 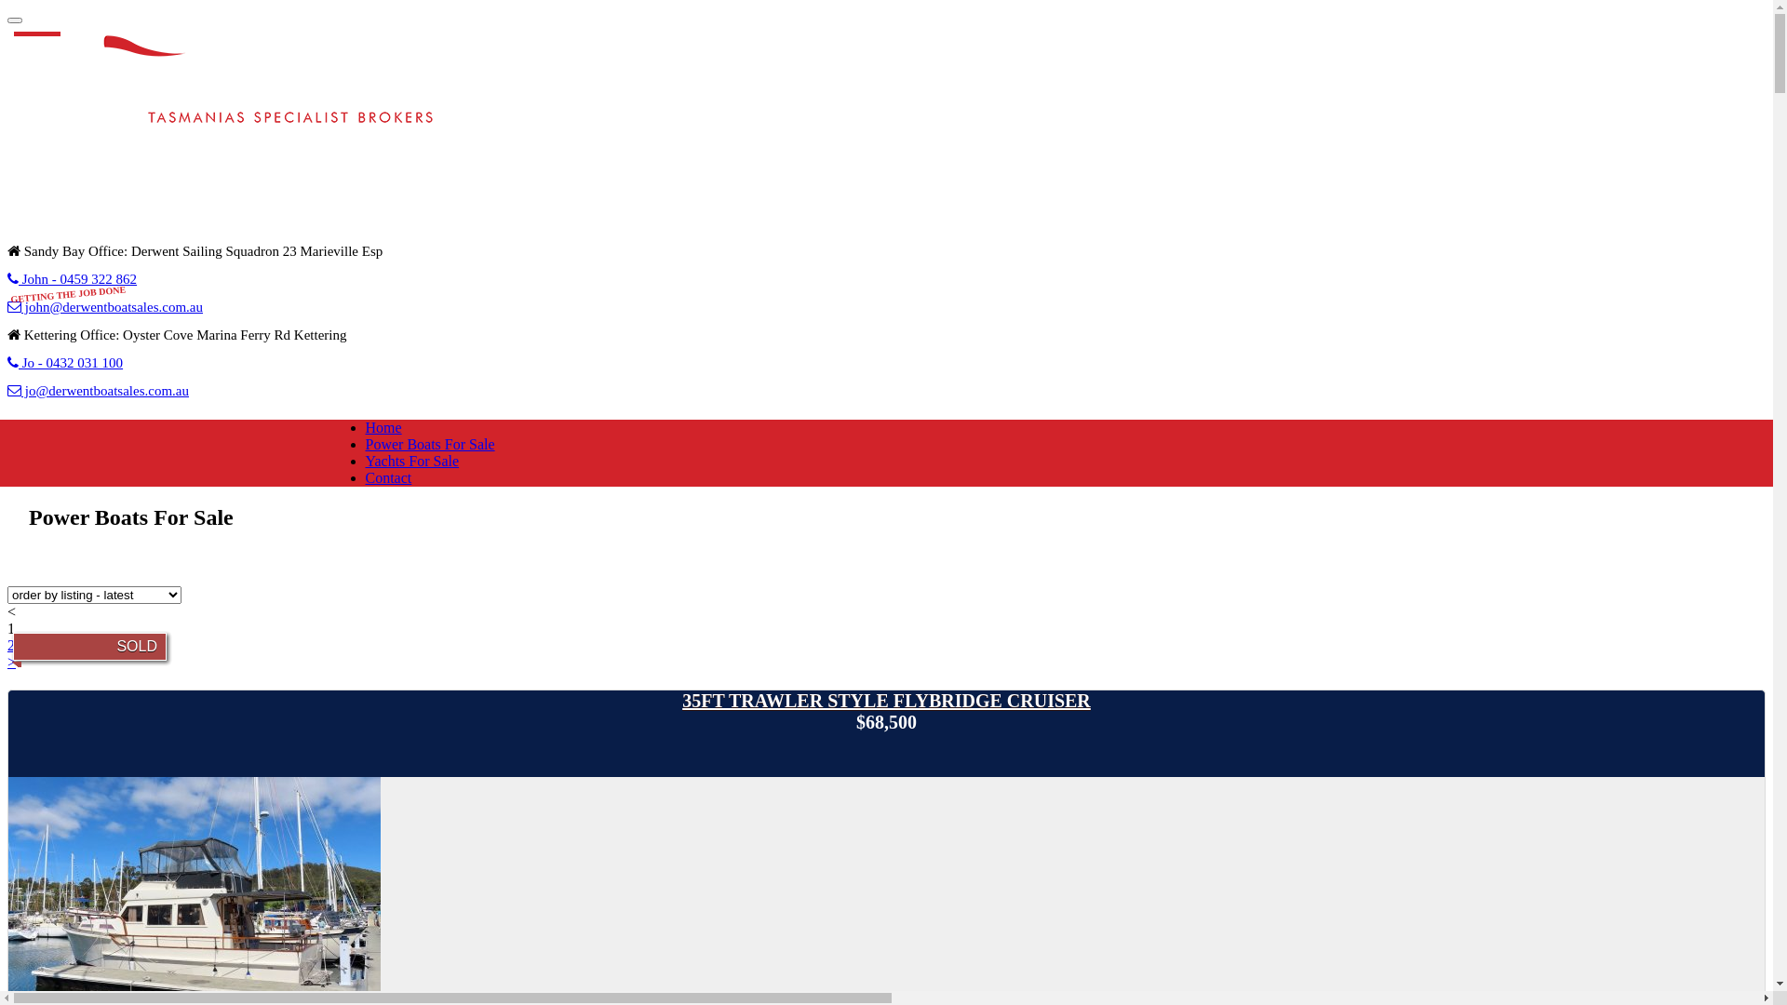 What do you see at coordinates (72, 279) in the screenshot?
I see `'John - 0459 322 862'` at bounding box center [72, 279].